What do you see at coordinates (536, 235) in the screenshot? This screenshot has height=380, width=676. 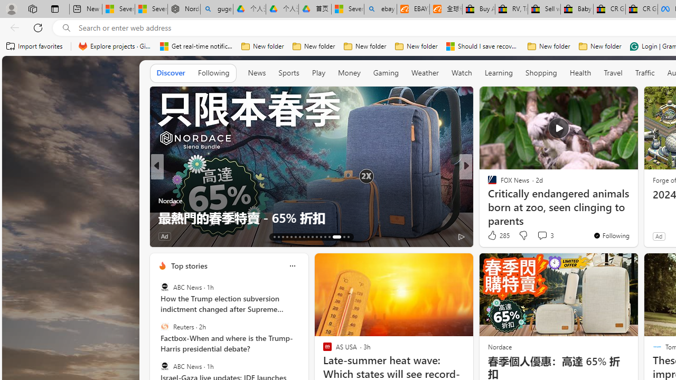 I see `'View comments 2 Comment'` at bounding box center [536, 235].